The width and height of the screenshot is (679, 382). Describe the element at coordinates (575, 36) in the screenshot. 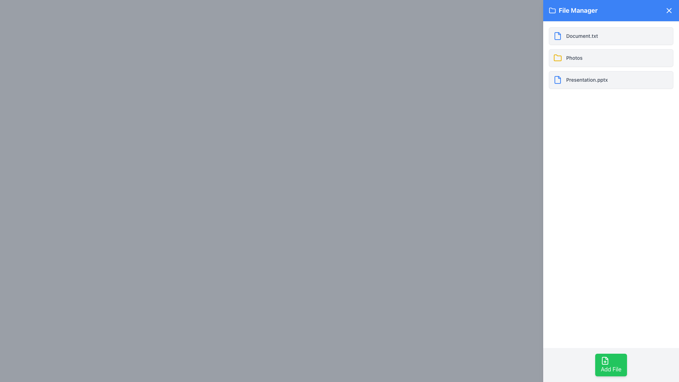

I see `the Text Label displaying 'Document.txt' in the File Manager panel, which is styled with a small font size and medium gray color, located next to a blue file icon` at that location.